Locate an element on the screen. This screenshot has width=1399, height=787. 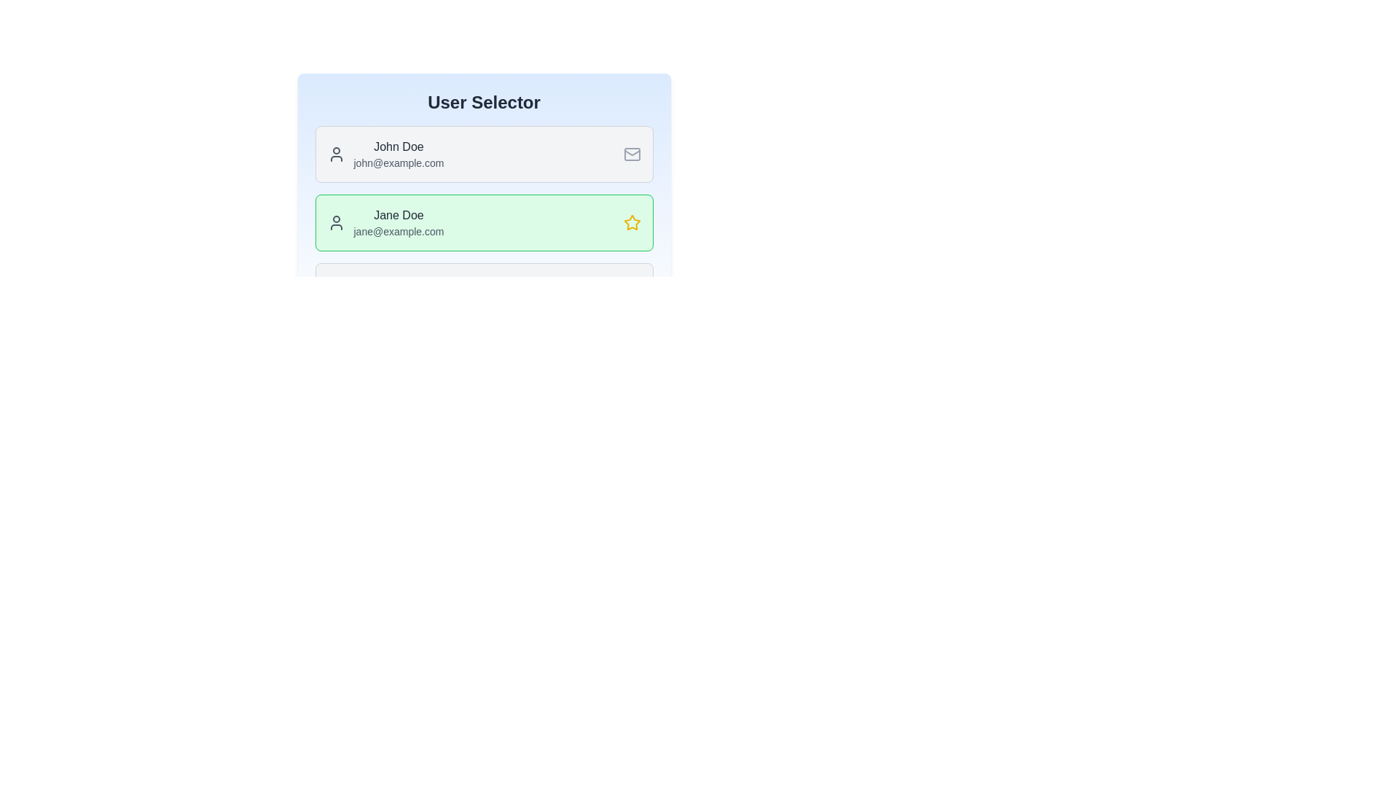
the currently selected user profile to toggle its selection state is located at coordinates (484, 222).